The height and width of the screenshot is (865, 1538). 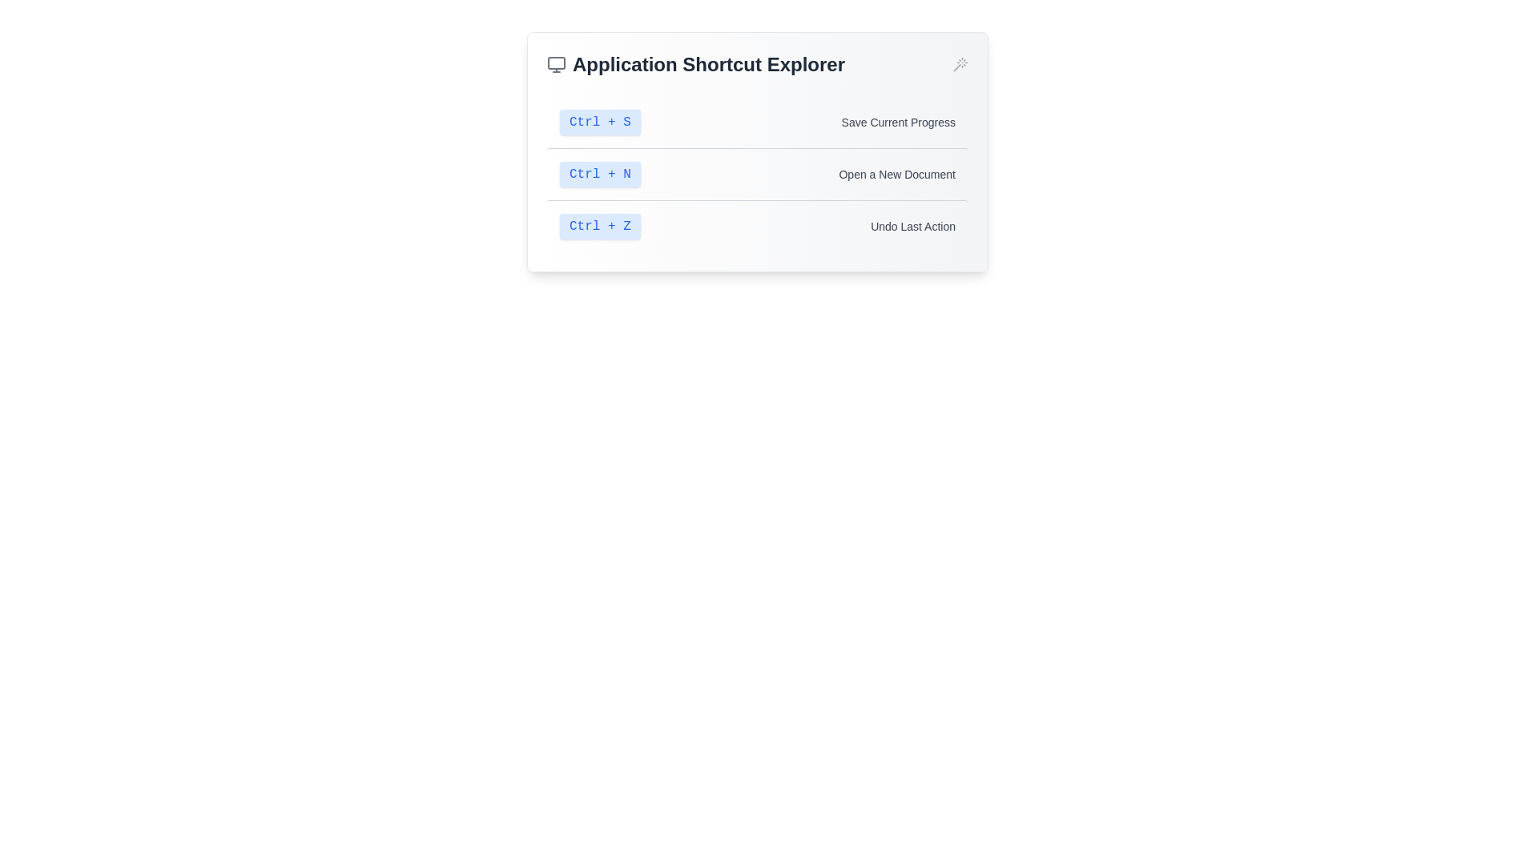 What do you see at coordinates (599, 226) in the screenshot?
I see `text of the label component indicating the keyboard shortcut 'Ctrl + Z' for the 'Undo Last Action' functionality, located in the third row of the 'Application Shortcut Explorer' panel` at bounding box center [599, 226].